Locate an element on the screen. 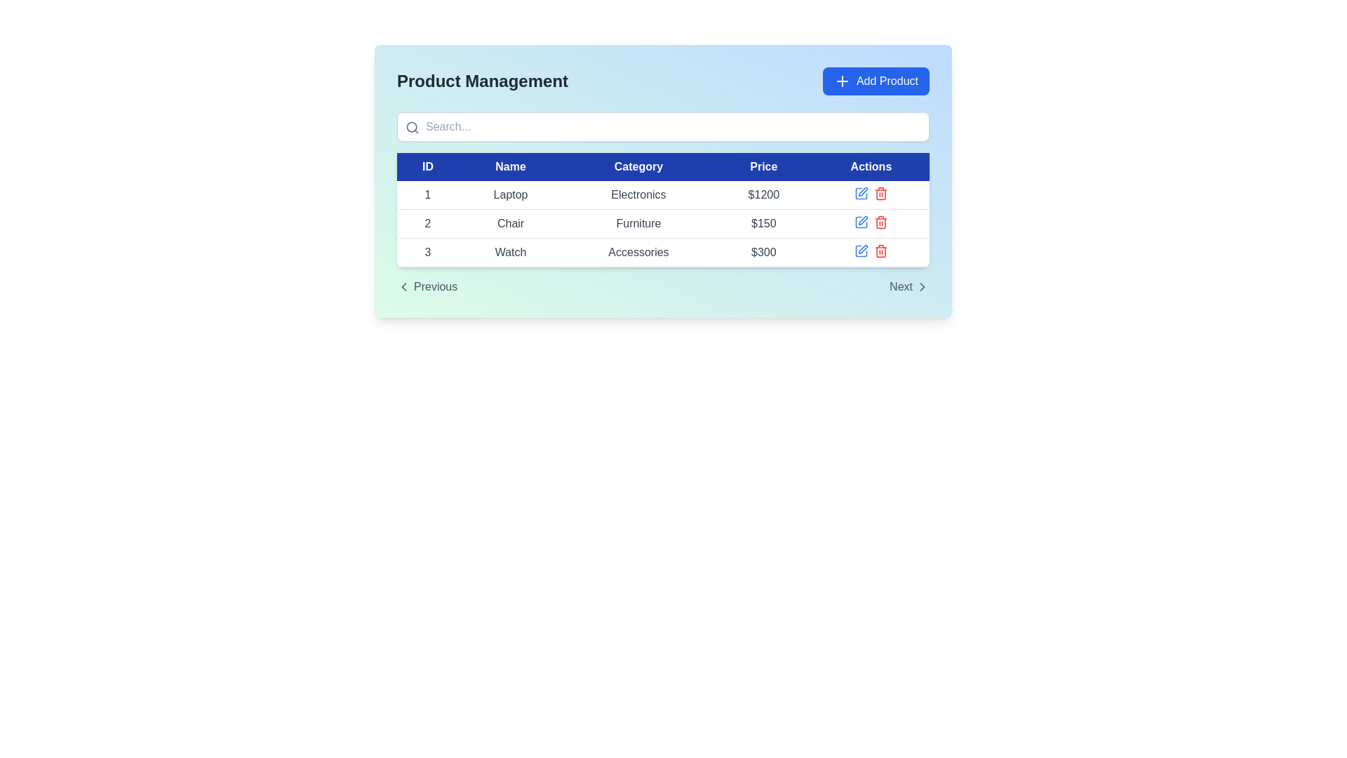 The image size is (1347, 758). the plus icon located to the left of the 'Add Product' text within the 'Add Product' button in the upper right corner of the interface is located at coordinates (842, 81).